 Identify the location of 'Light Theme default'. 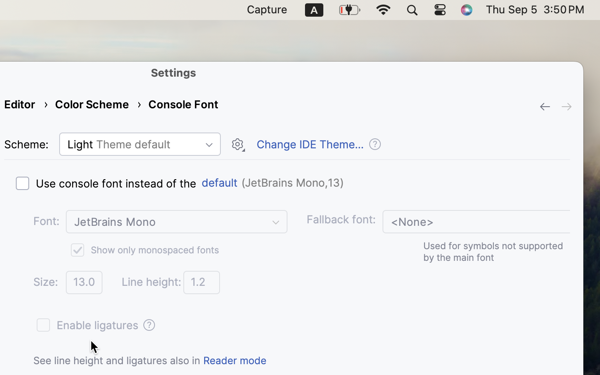
(140, 144).